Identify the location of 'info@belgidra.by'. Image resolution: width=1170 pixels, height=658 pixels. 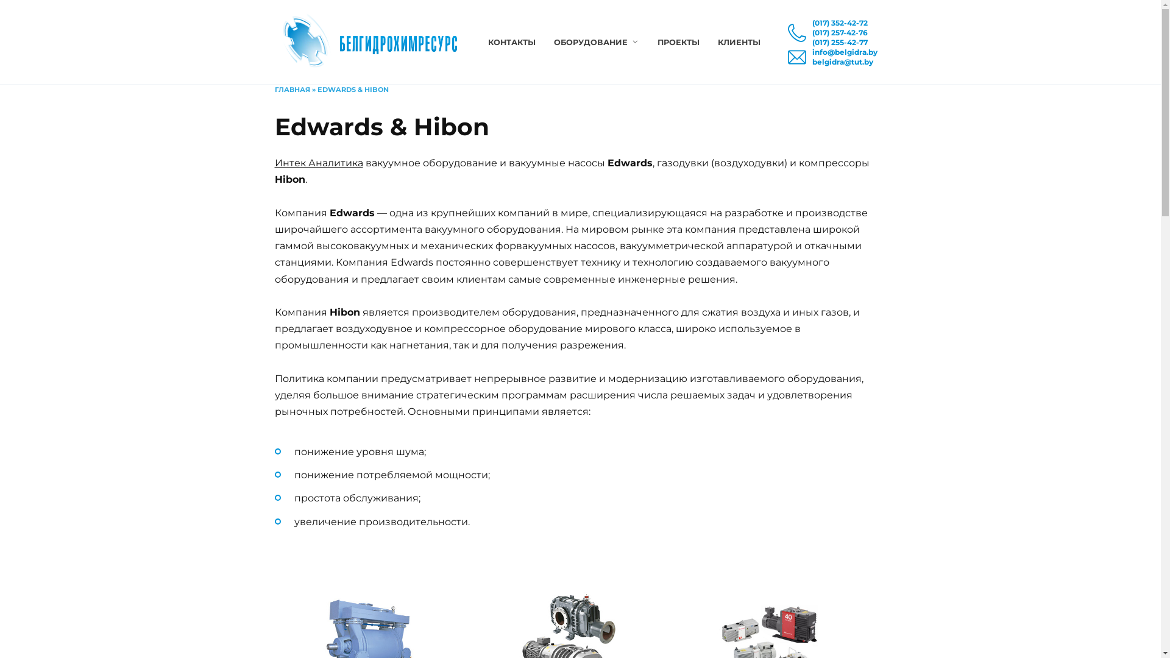
(843, 51).